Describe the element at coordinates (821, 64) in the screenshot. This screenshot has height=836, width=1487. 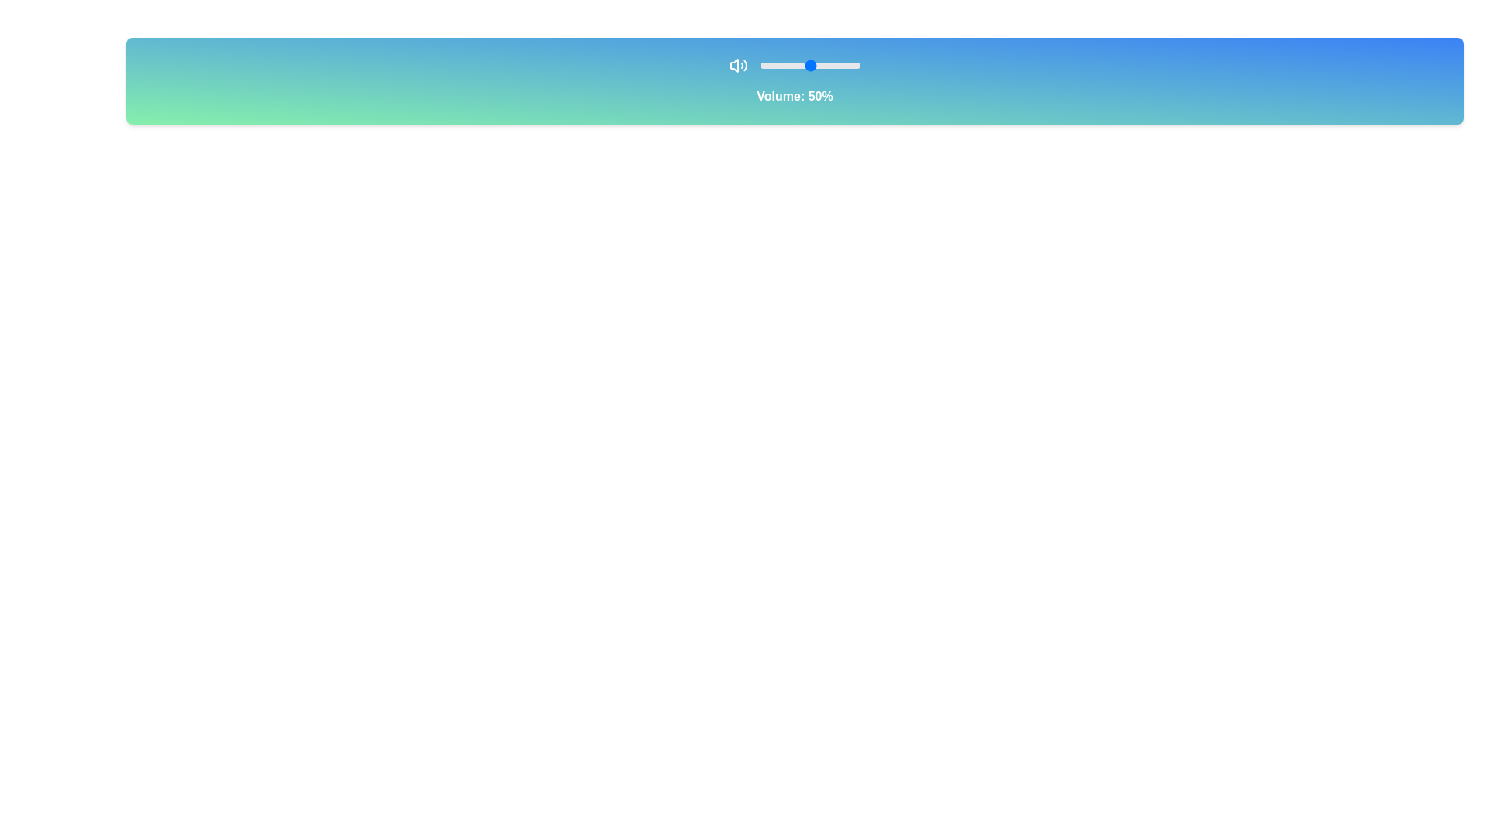
I see `the volume level on the slider` at that location.